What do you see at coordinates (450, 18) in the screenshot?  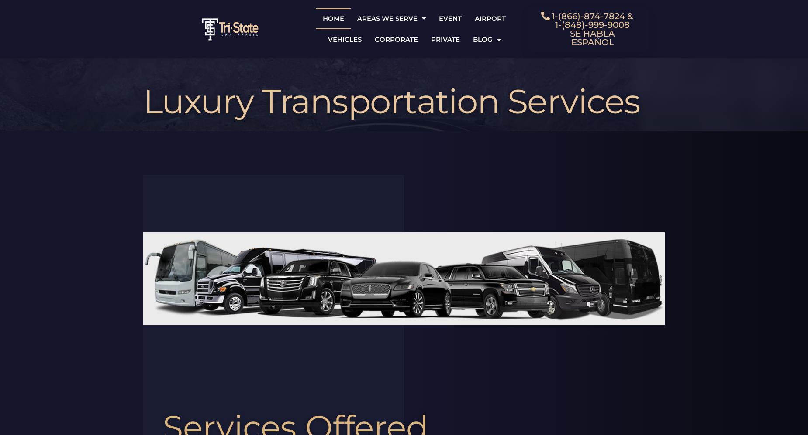 I see `'Event'` at bounding box center [450, 18].